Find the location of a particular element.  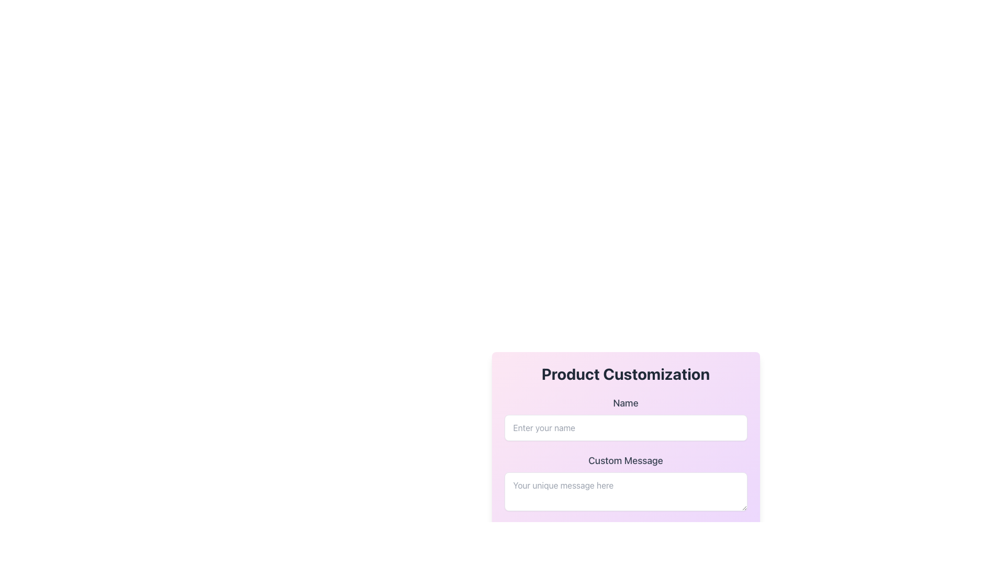

text label 'Name' which is styled with medium weight dark gray font and is positioned above the input field for entering a name in the 'Product Customization' form is located at coordinates (626, 403).